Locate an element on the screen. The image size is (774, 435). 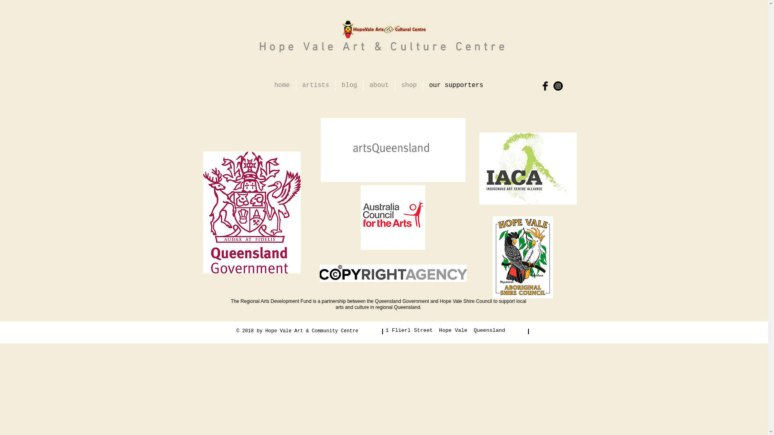
'blog' is located at coordinates (349, 85).